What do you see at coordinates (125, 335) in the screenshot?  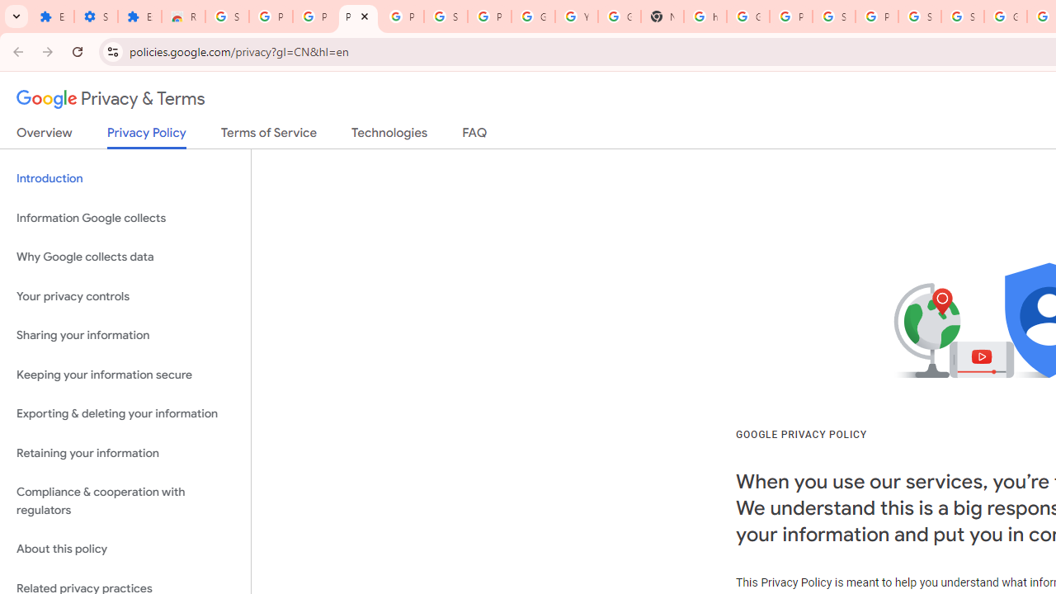 I see `'Sharing your information'` at bounding box center [125, 335].